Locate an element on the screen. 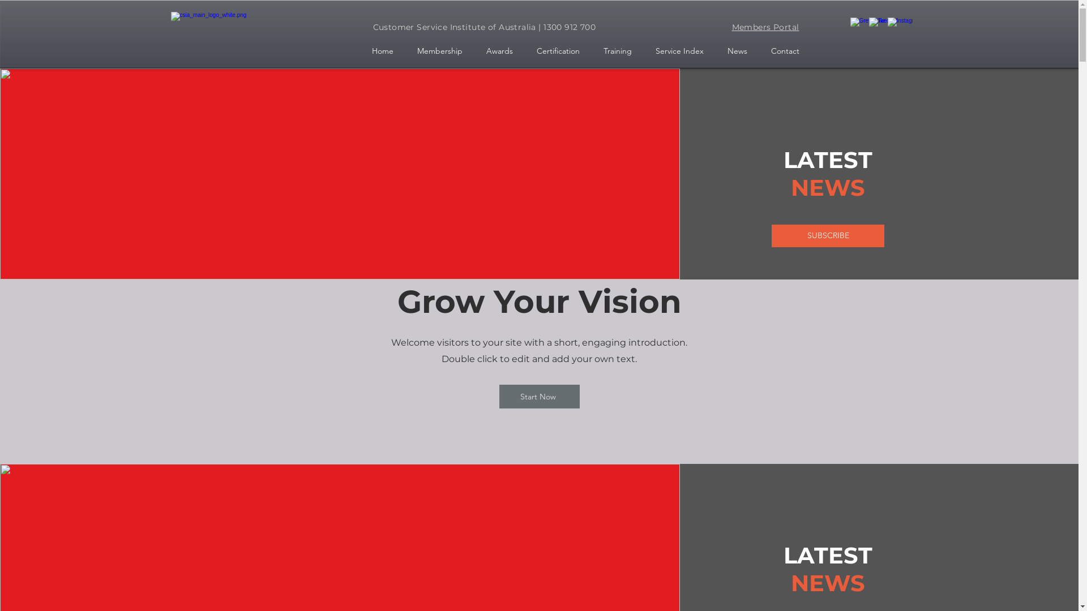 The image size is (1087, 611). 'SUBSCRIBE' is located at coordinates (828, 235).